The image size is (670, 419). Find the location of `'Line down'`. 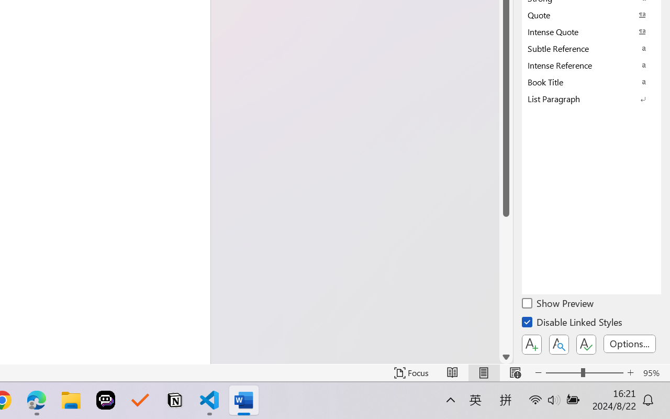

'Line down' is located at coordinates (506, 357).